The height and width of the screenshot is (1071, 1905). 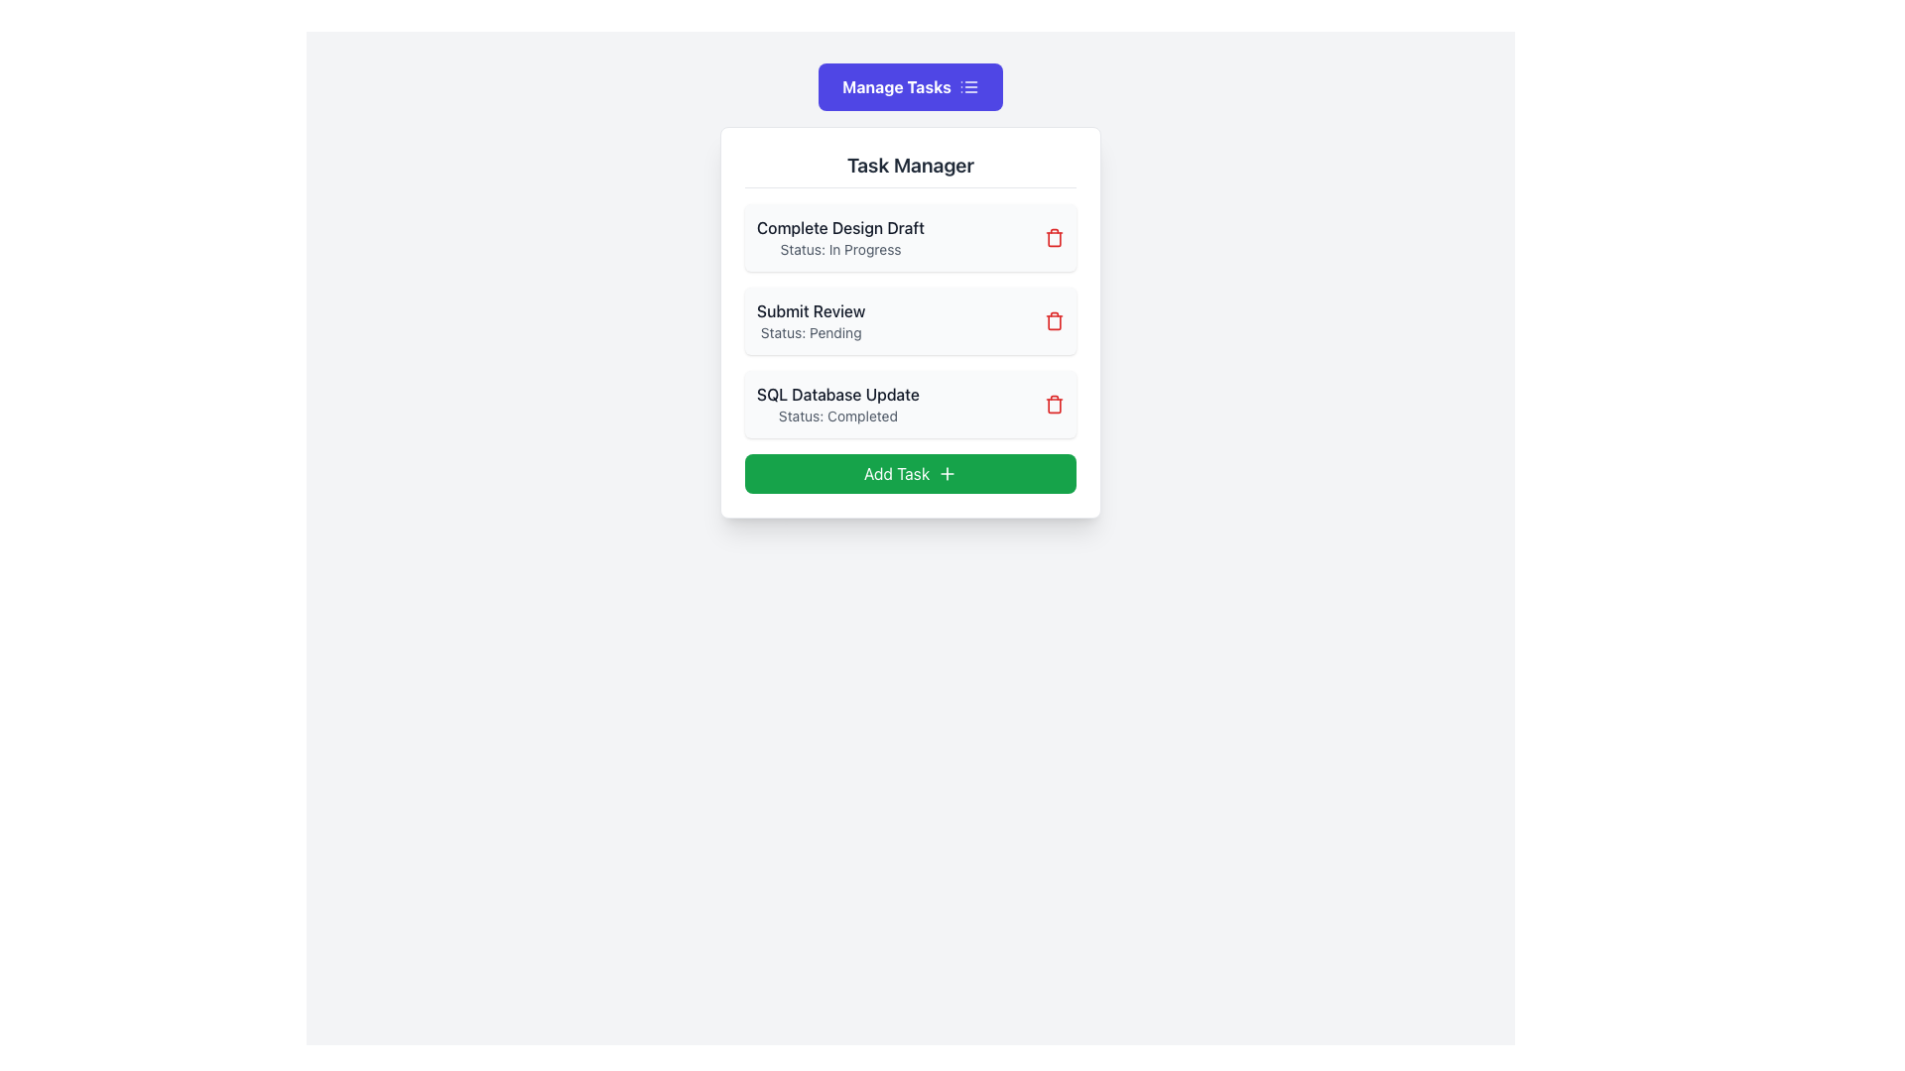 I want to click on the task management button located in the center-top area of the interface above the 'Task Manager' card, so click(x=909, y=86).